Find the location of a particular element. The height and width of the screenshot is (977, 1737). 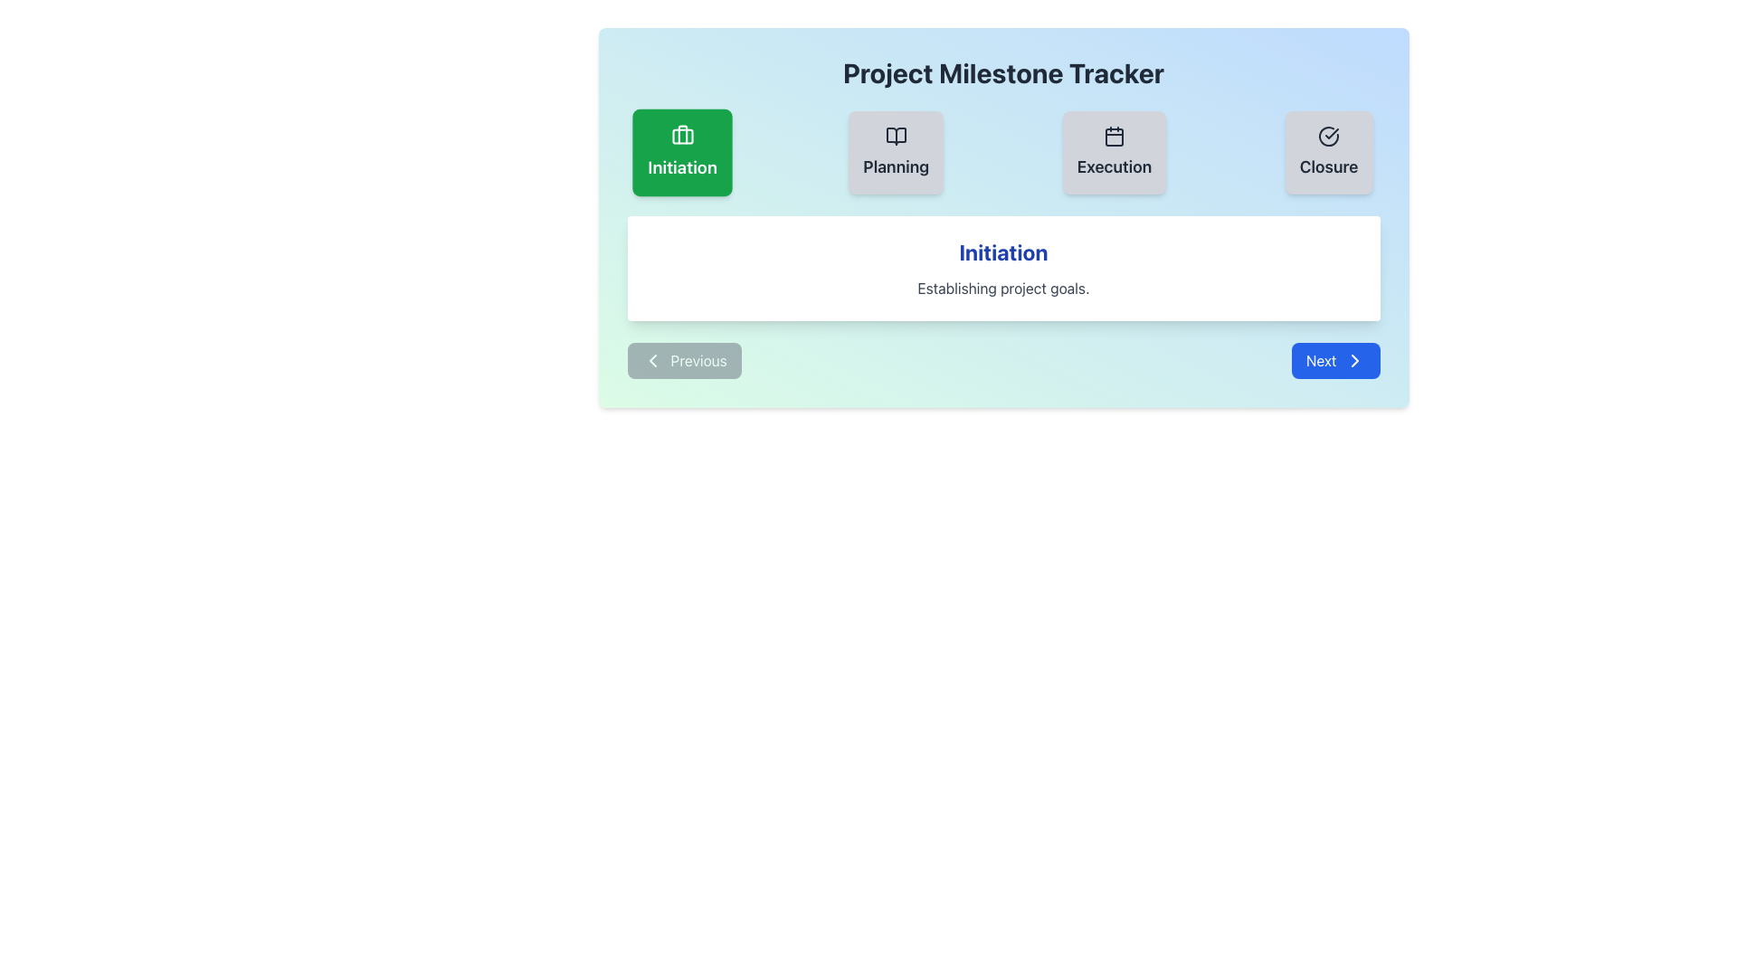

the second button in the horizontal series of four buttons under the 'Project Milestone Tracker' header is located at coordinates (896, 152).